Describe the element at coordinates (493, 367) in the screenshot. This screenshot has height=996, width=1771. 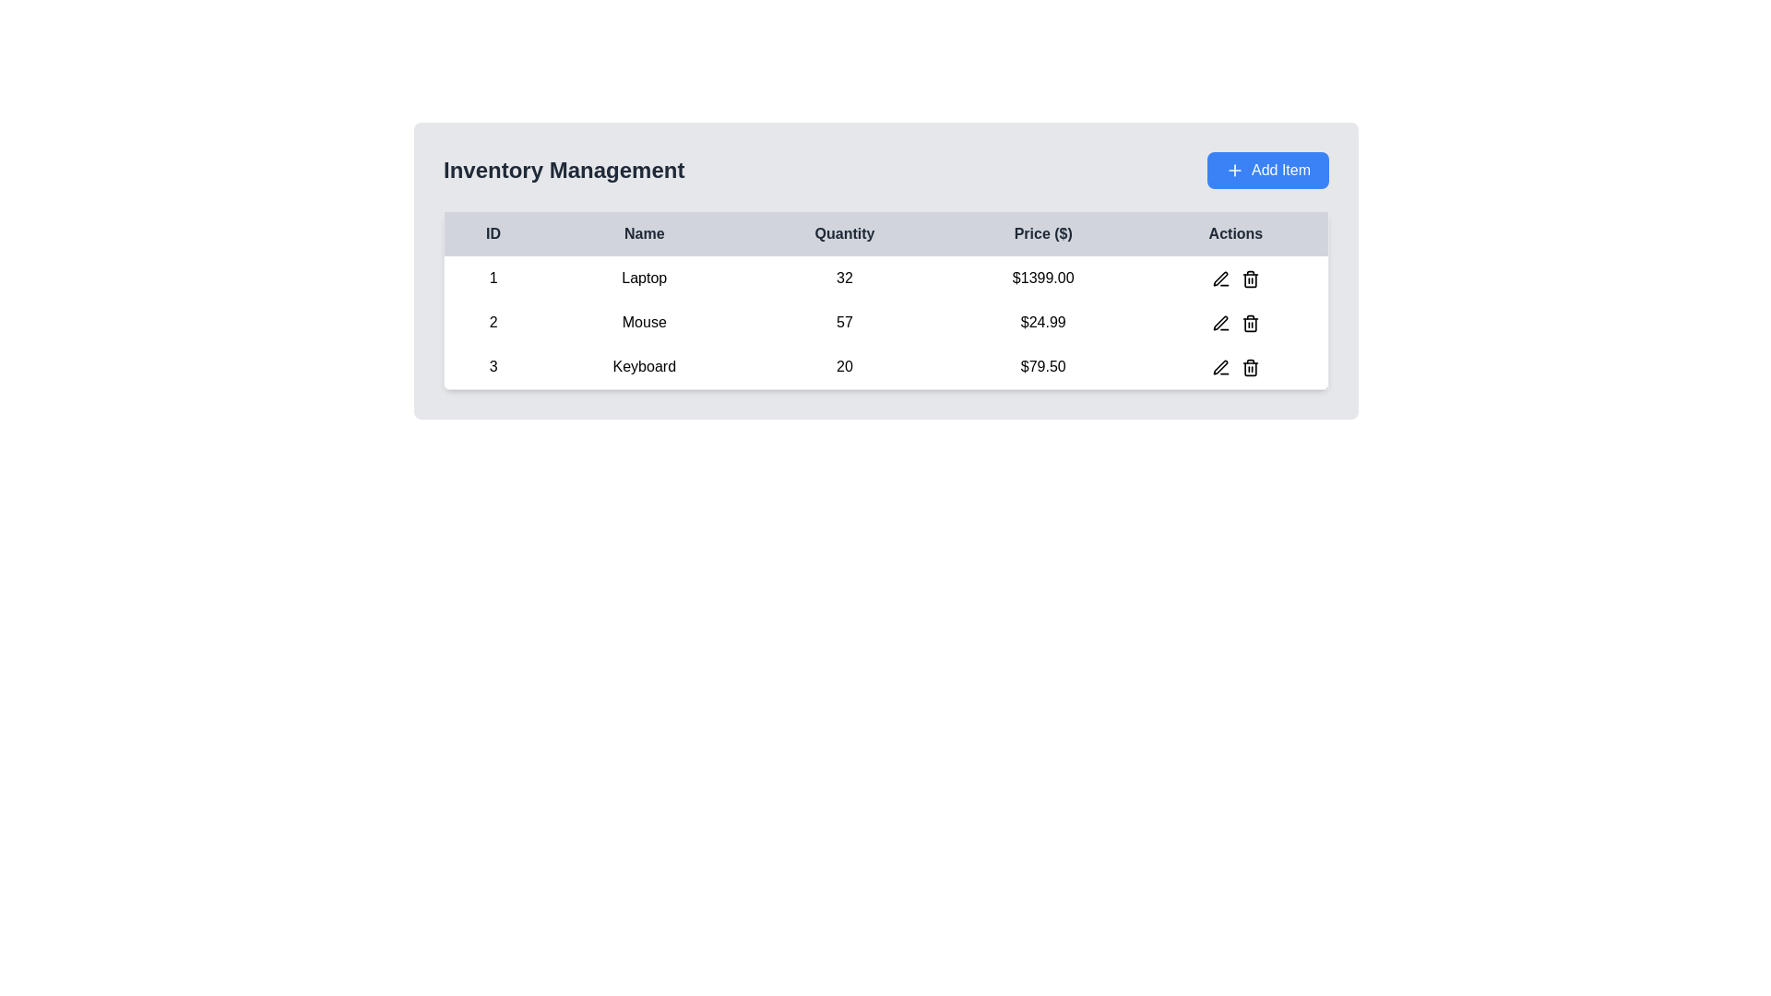
I see `the label representing the unique identifier for the item in the first column of the table's third row within the 'Inventory Management' section` at that location.